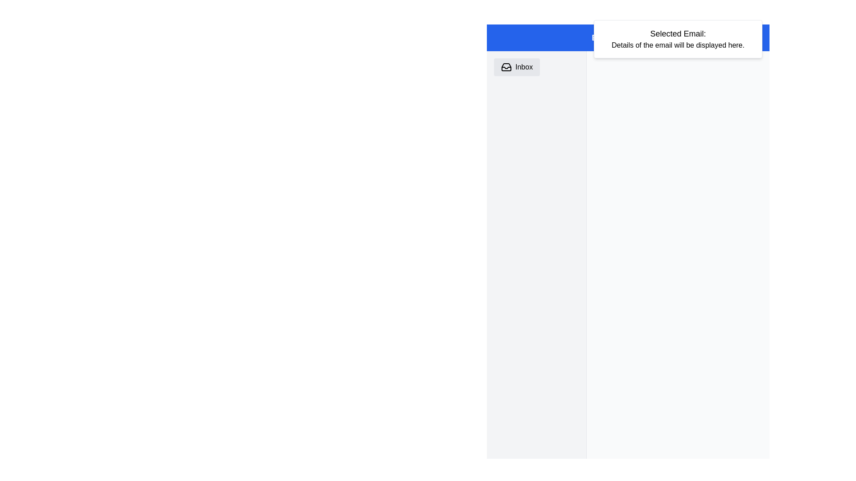  What do you see at coordinates (524, 66) in the screenshot?
I see `the 'Inbox' text label which is bold and part of a menu item in the sidebar, positioned to the right of an envelope icon, to trigger visual feedback` at bounding box center [524, 66].